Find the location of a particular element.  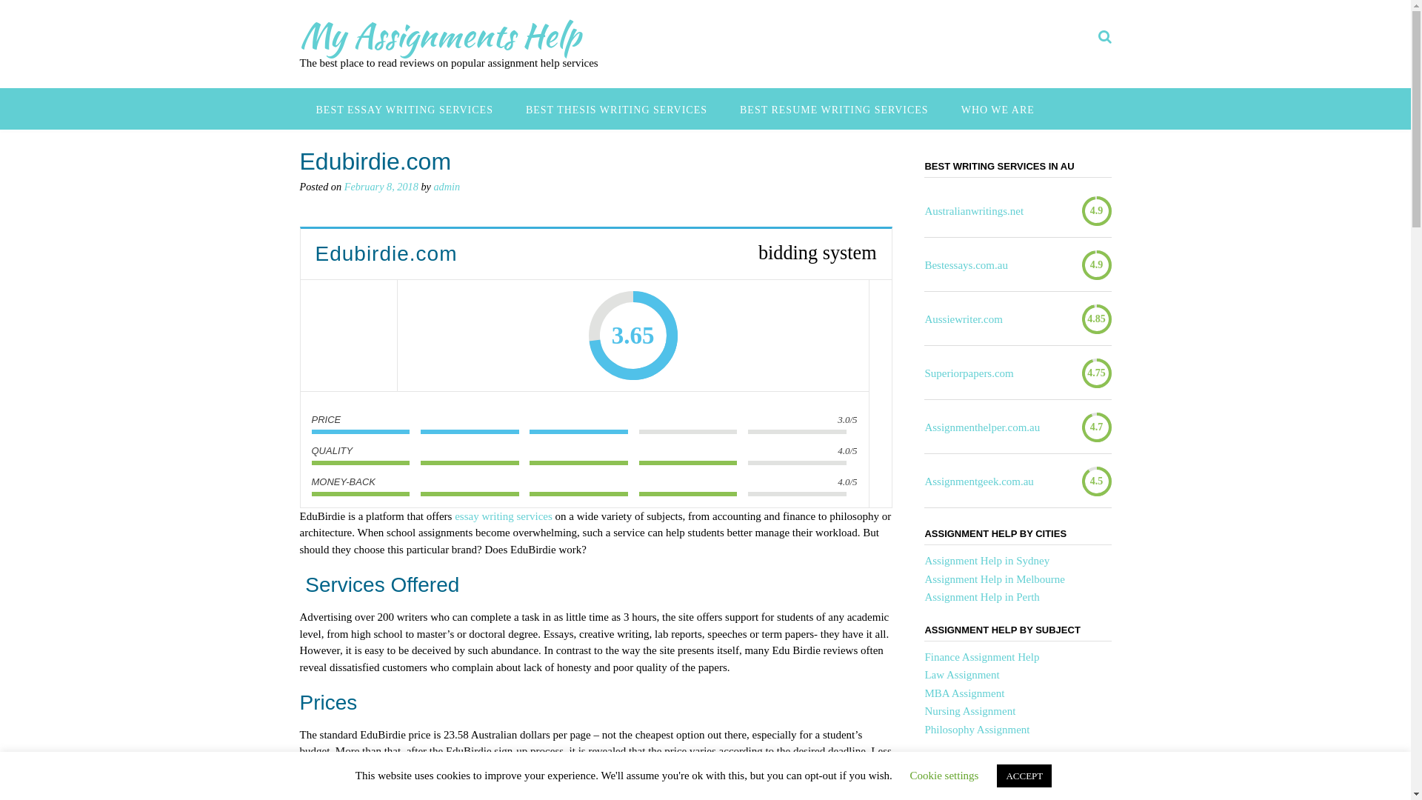

'Law Assignment' is located at coordinates (961, 674).